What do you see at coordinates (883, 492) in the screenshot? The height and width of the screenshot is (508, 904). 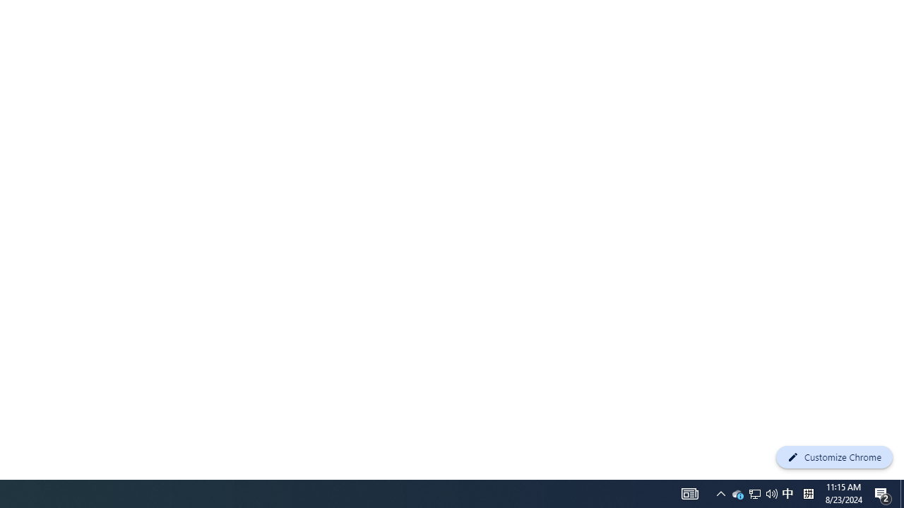 I see `'Show desktop'` at bounding box center [883, 492].